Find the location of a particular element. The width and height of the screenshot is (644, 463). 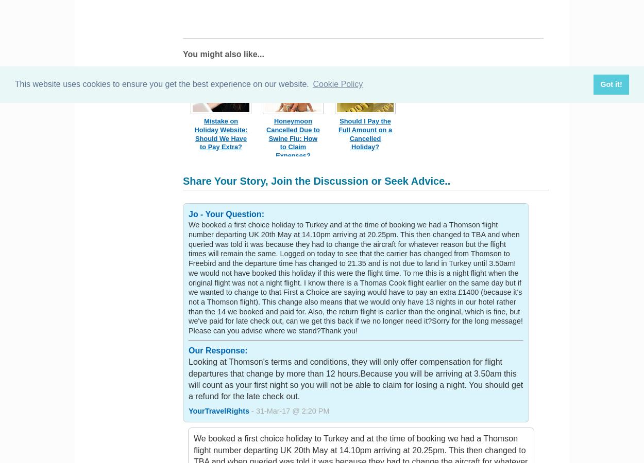

'Cookie Policy' is located at coordinates (337, 84).